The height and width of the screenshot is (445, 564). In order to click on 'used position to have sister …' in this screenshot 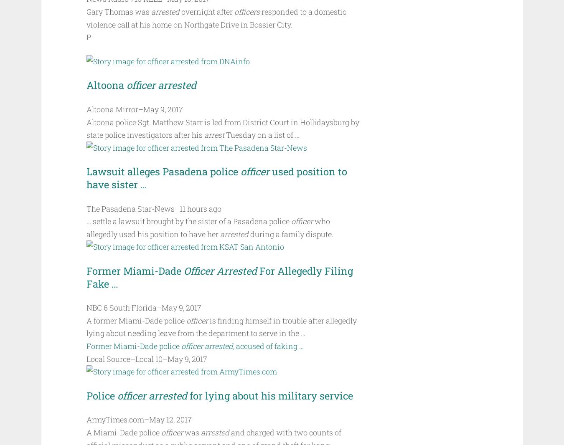, I will do `click(86, 178)`.